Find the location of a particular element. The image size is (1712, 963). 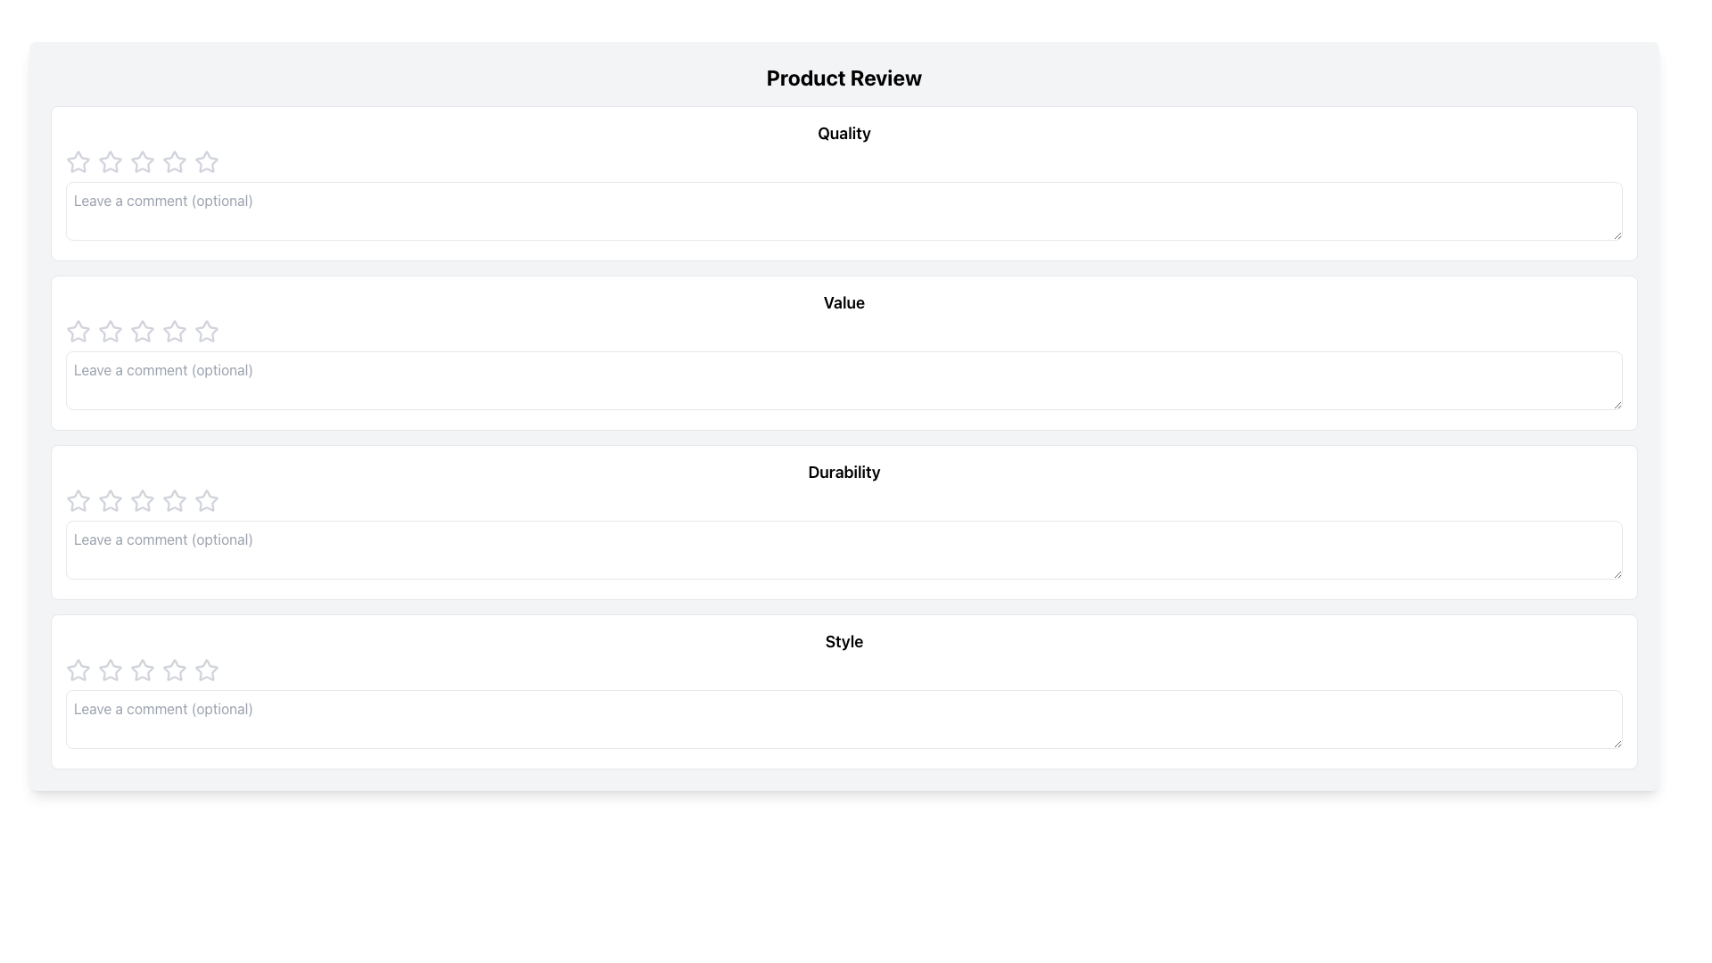

the first hollow star icon in the rating component located beneath the 'Style' section header is located at coordinates (206, 670).